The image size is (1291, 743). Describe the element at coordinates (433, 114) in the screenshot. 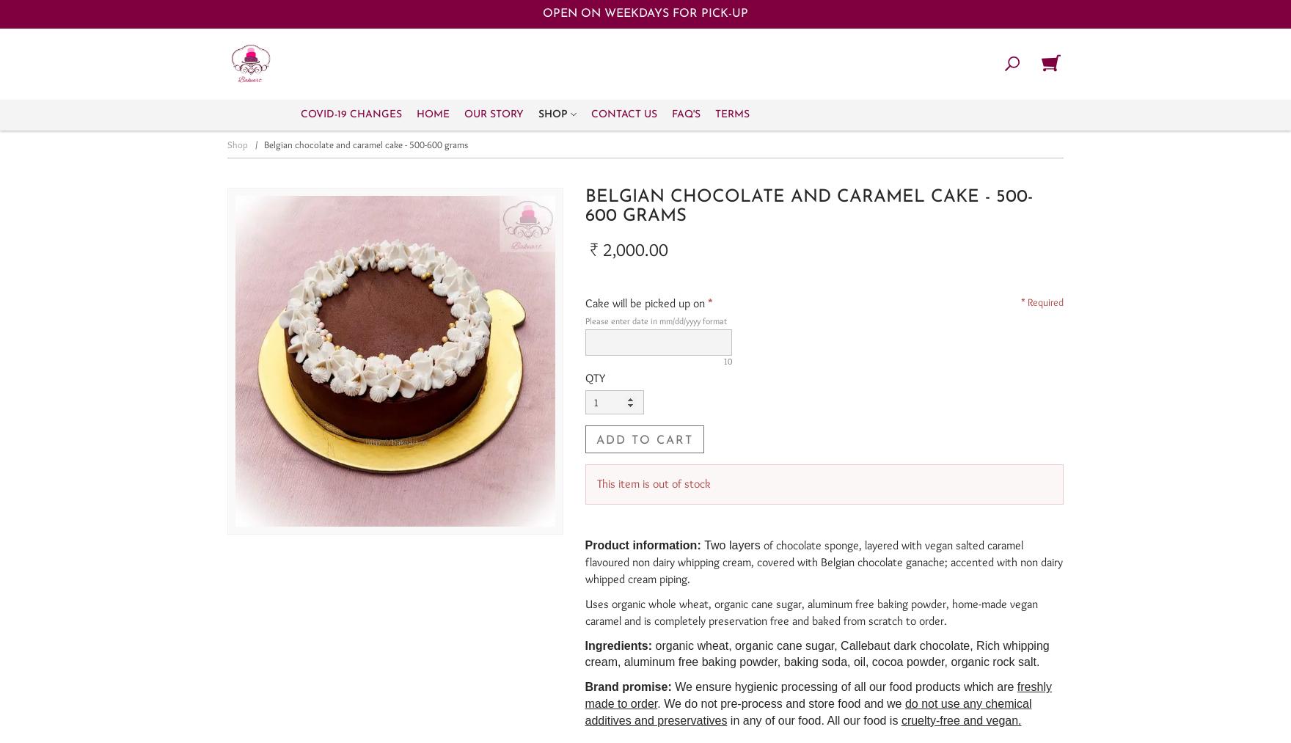

I see `'Home'` at that location.